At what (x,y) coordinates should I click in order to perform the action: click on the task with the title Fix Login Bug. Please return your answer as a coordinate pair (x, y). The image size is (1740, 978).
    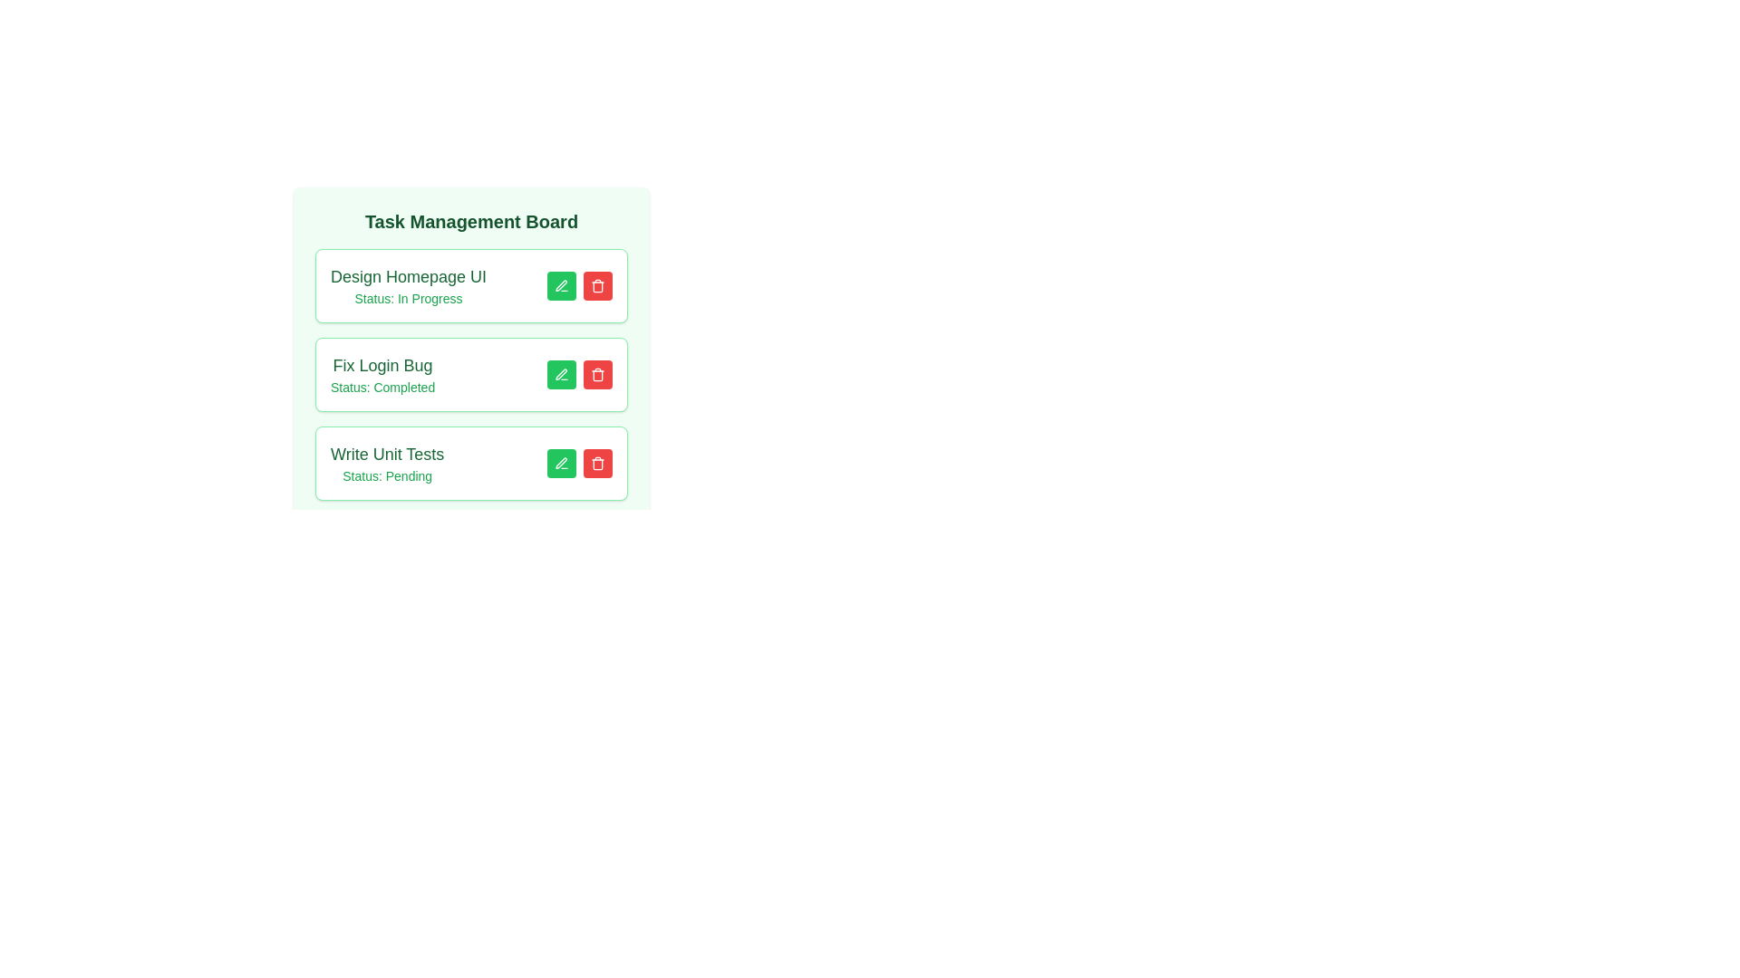
    Looking at the image, I should click on (598, 373).